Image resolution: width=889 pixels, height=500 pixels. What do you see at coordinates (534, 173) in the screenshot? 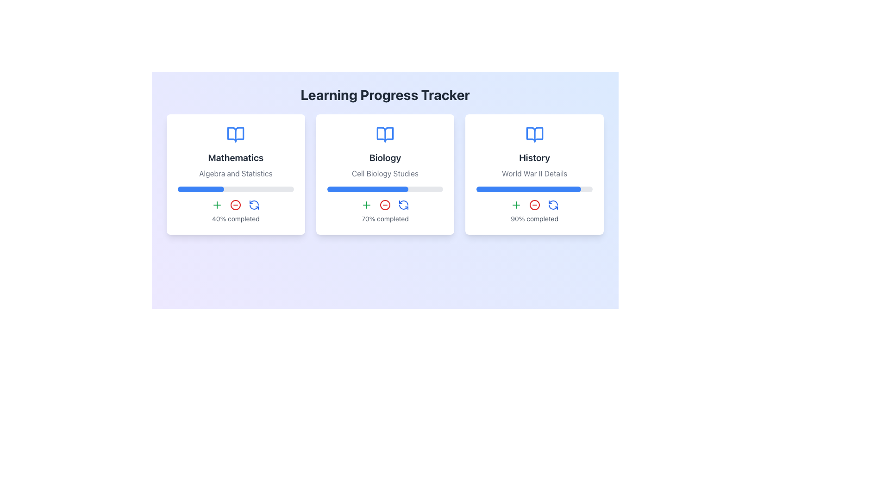
I see `the subtitle text label within the 'History' card that provides additional context about the content, located below the card's title and above the progress bar` at bounding box center [534, 173].